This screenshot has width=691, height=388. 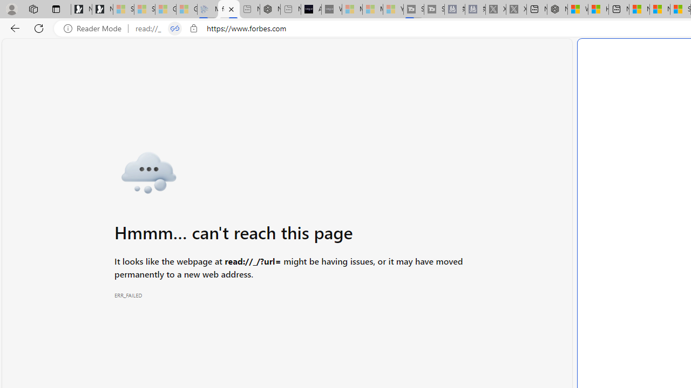 I want to click on 'Nordace - #1 Japanese Best-Seller - Siena Smart Backpack', so click(x=270, y=9).